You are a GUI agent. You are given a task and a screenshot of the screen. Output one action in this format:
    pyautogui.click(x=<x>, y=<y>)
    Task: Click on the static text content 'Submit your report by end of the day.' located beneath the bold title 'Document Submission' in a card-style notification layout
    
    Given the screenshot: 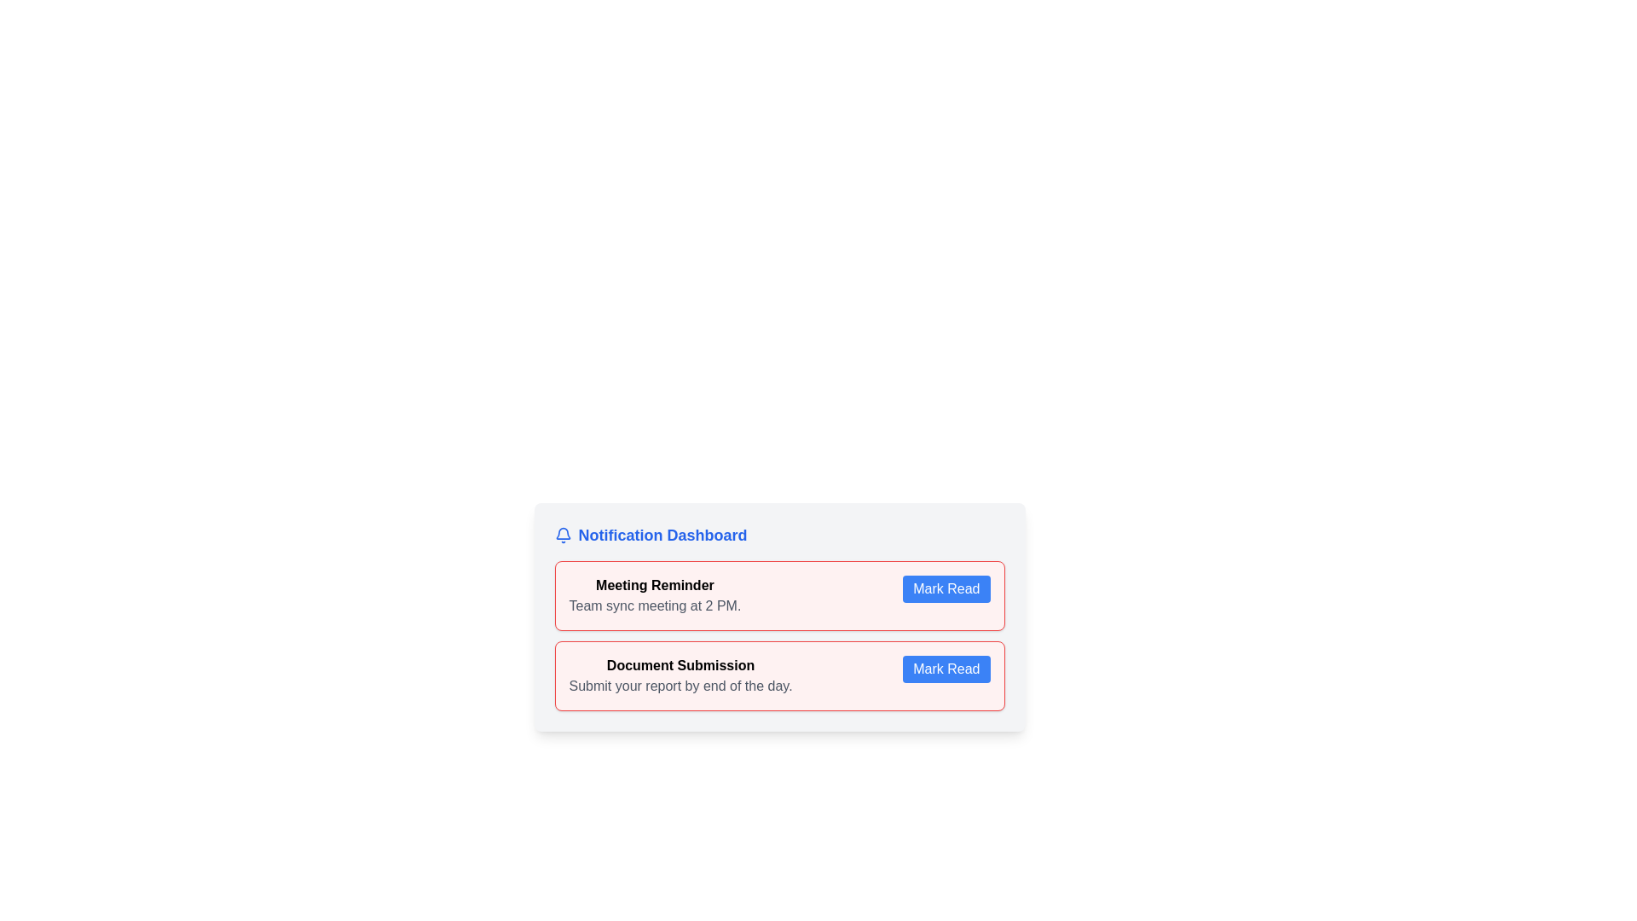 What is the action you would take?
    pyautogui.click(x=680, y=686)
    